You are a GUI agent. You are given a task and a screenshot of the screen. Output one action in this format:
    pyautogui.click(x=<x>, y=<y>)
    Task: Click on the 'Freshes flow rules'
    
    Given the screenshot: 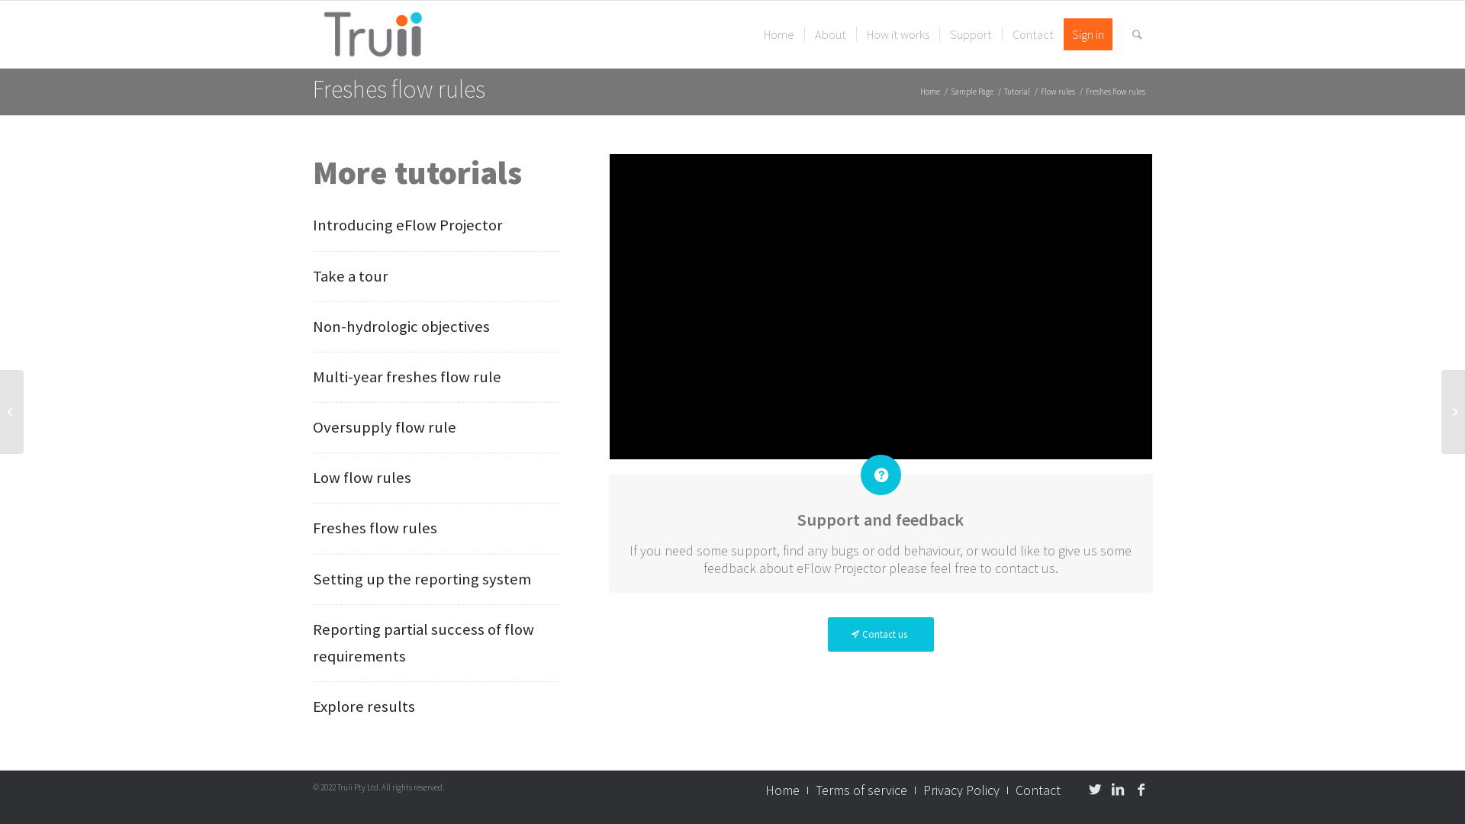 What is the action you would take?
    pyautogui.click(x=375, y=526)
    